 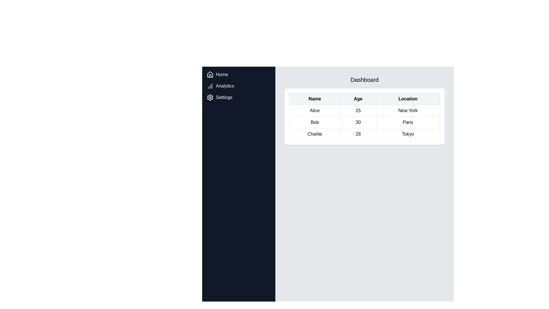 I want to click on the gear-shaped icon representing the settings option, so click(x=210, y=97).